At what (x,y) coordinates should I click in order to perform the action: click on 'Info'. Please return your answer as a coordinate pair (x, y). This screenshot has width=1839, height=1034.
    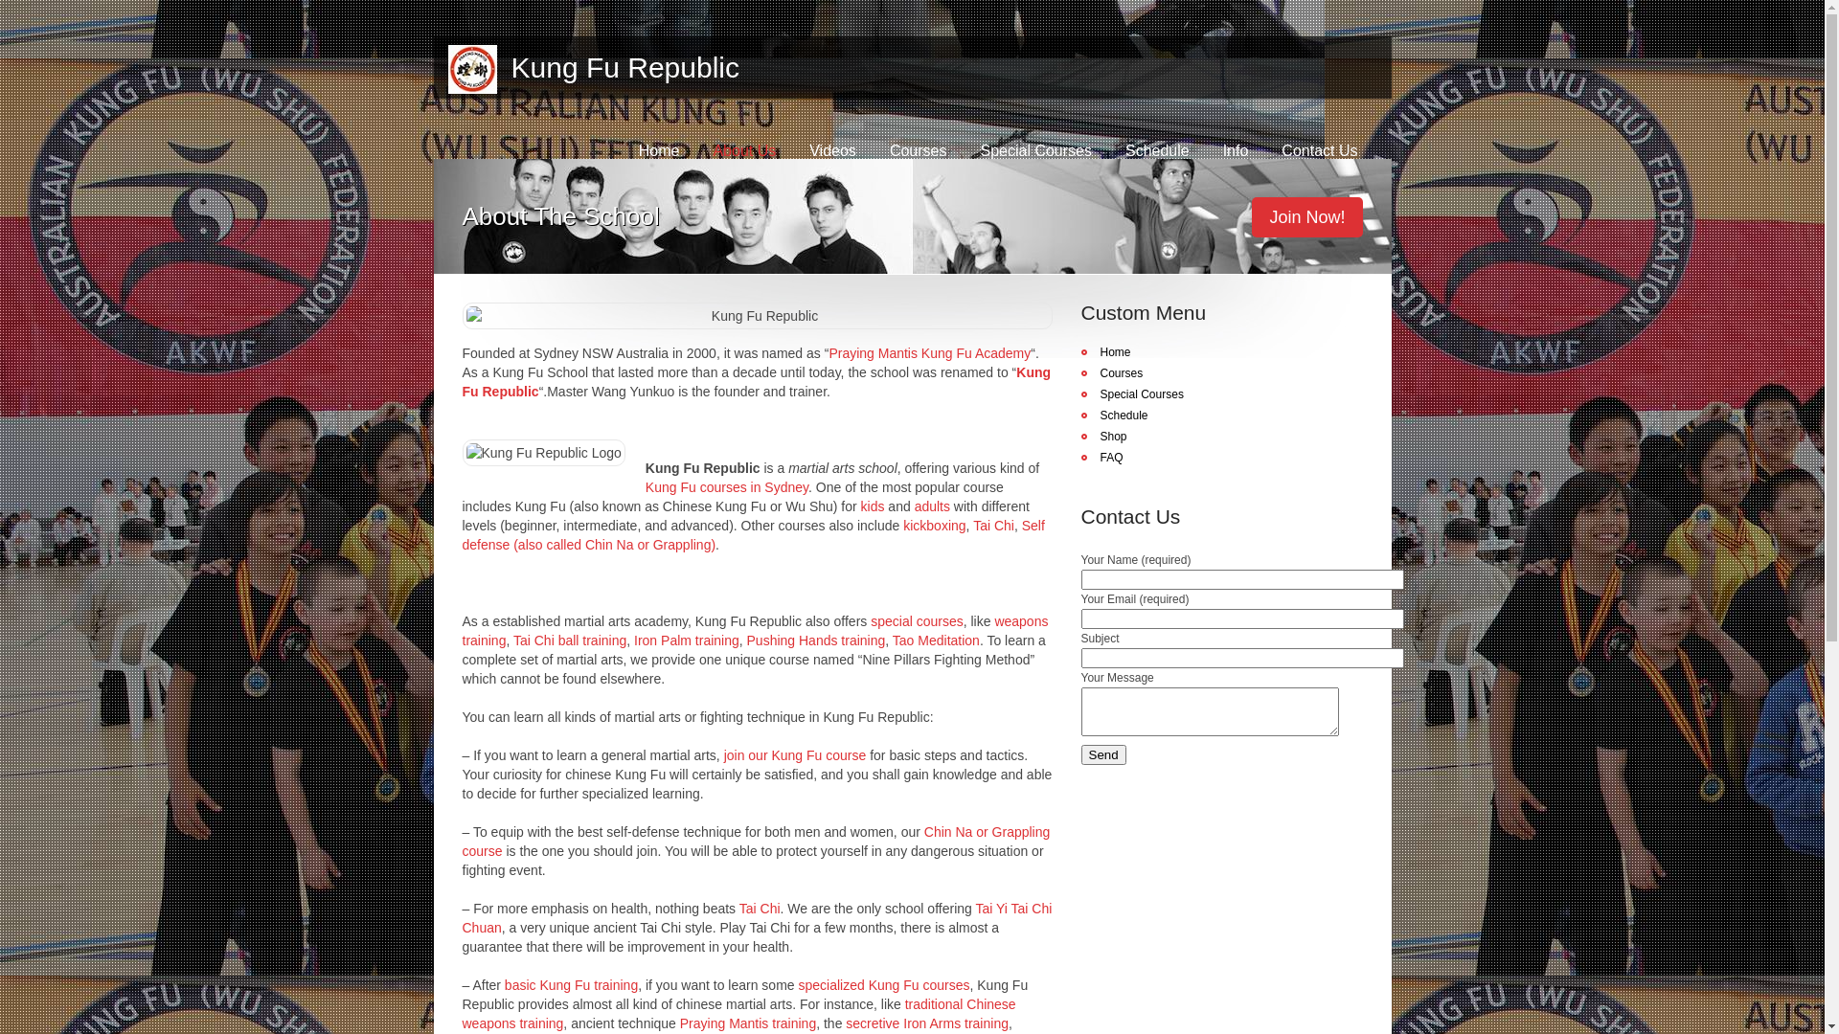
    Looking at the image, I should click on (1236, 149).